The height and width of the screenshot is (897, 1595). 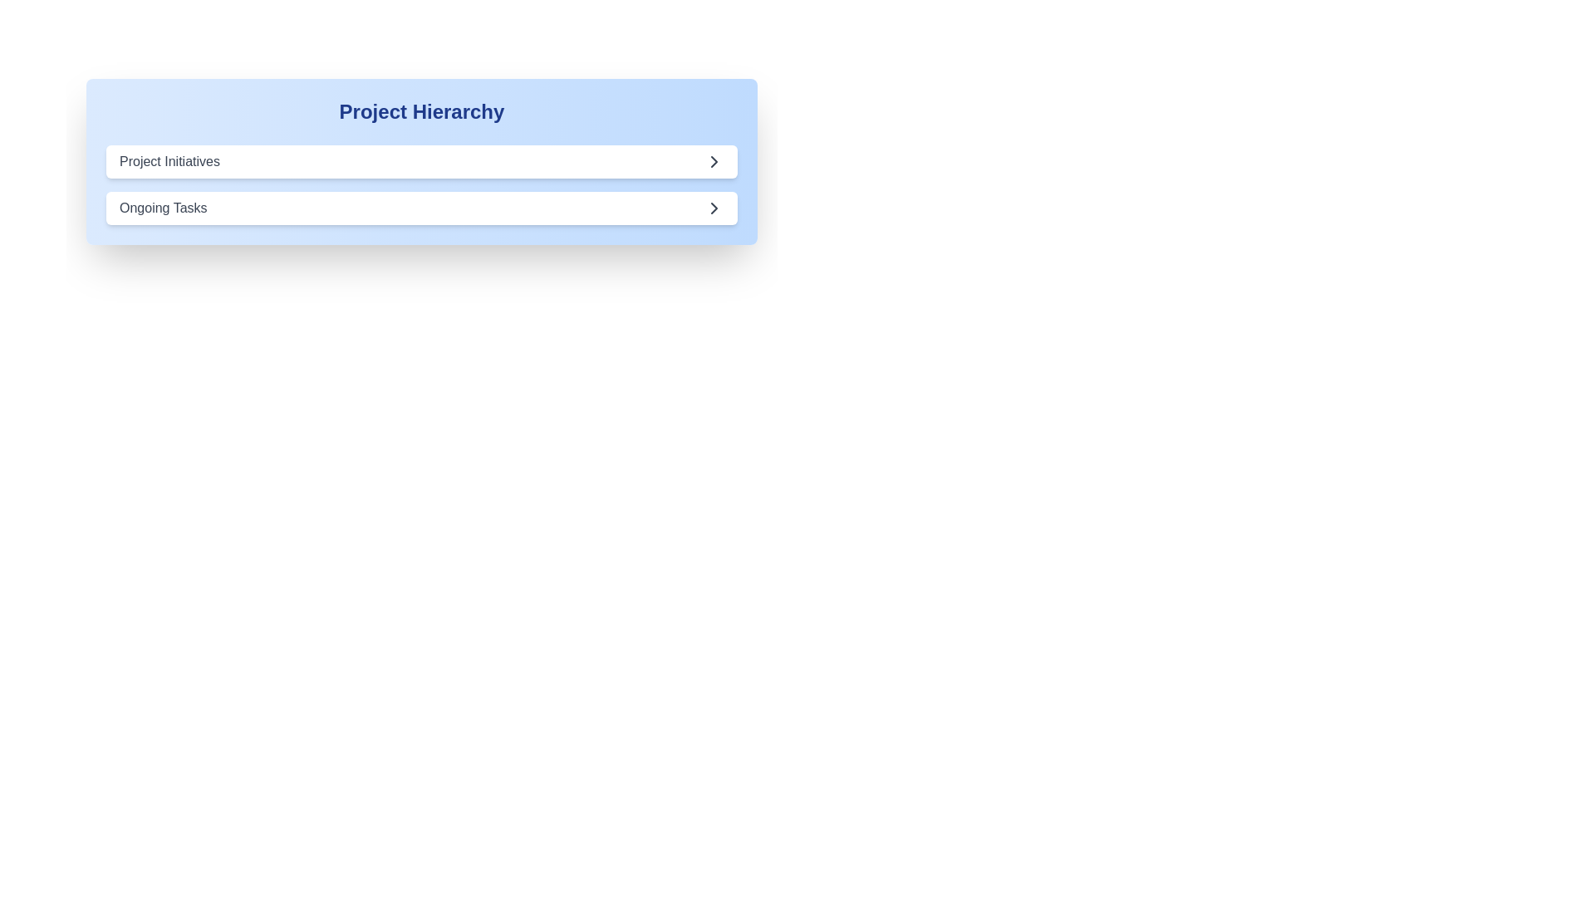 What do you see at coordinates (714, 162) in the screenshot?
I see `the right-facing chevron icon button located in the 'Project Initiatives' row` at bounding box center [714, 162].